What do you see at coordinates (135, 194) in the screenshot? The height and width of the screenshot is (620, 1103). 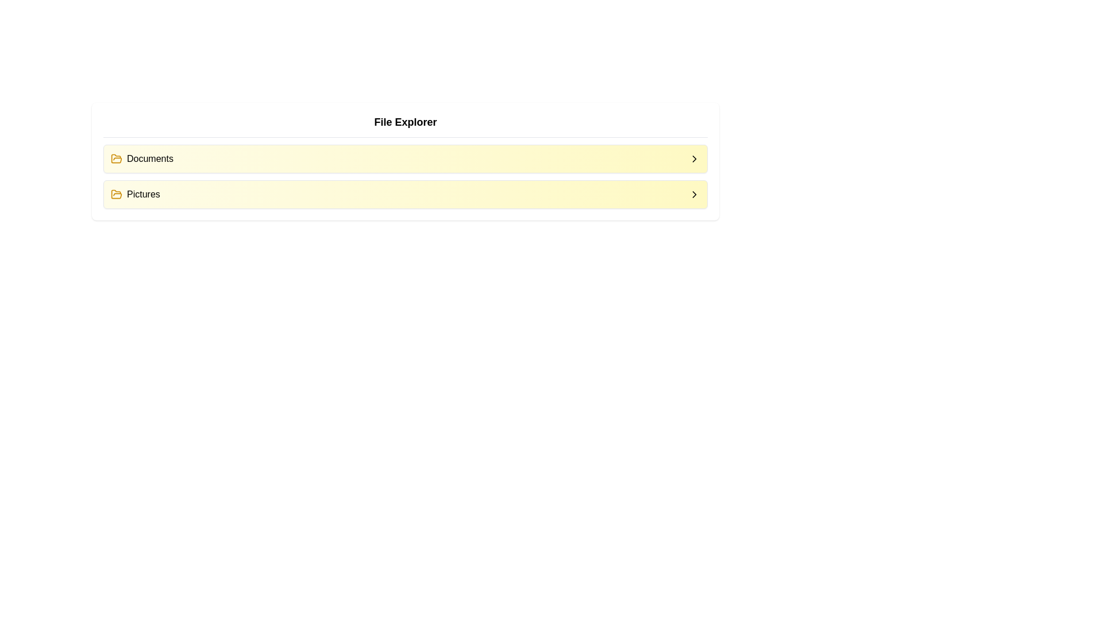 I see `the composite UI element containing the yellow folder icon and the text 'Pictures' to potentially reveal additional information or functionality` at bounding box center [135, 194].